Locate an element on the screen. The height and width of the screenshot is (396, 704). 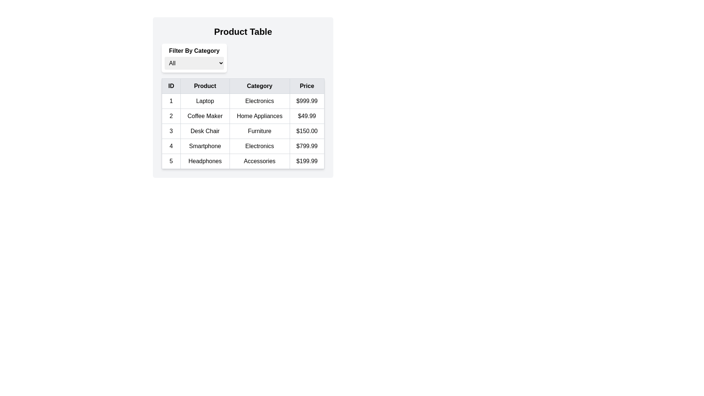
the Table Header Cell containing the text 'Product' is located at coordinates (205, 86).